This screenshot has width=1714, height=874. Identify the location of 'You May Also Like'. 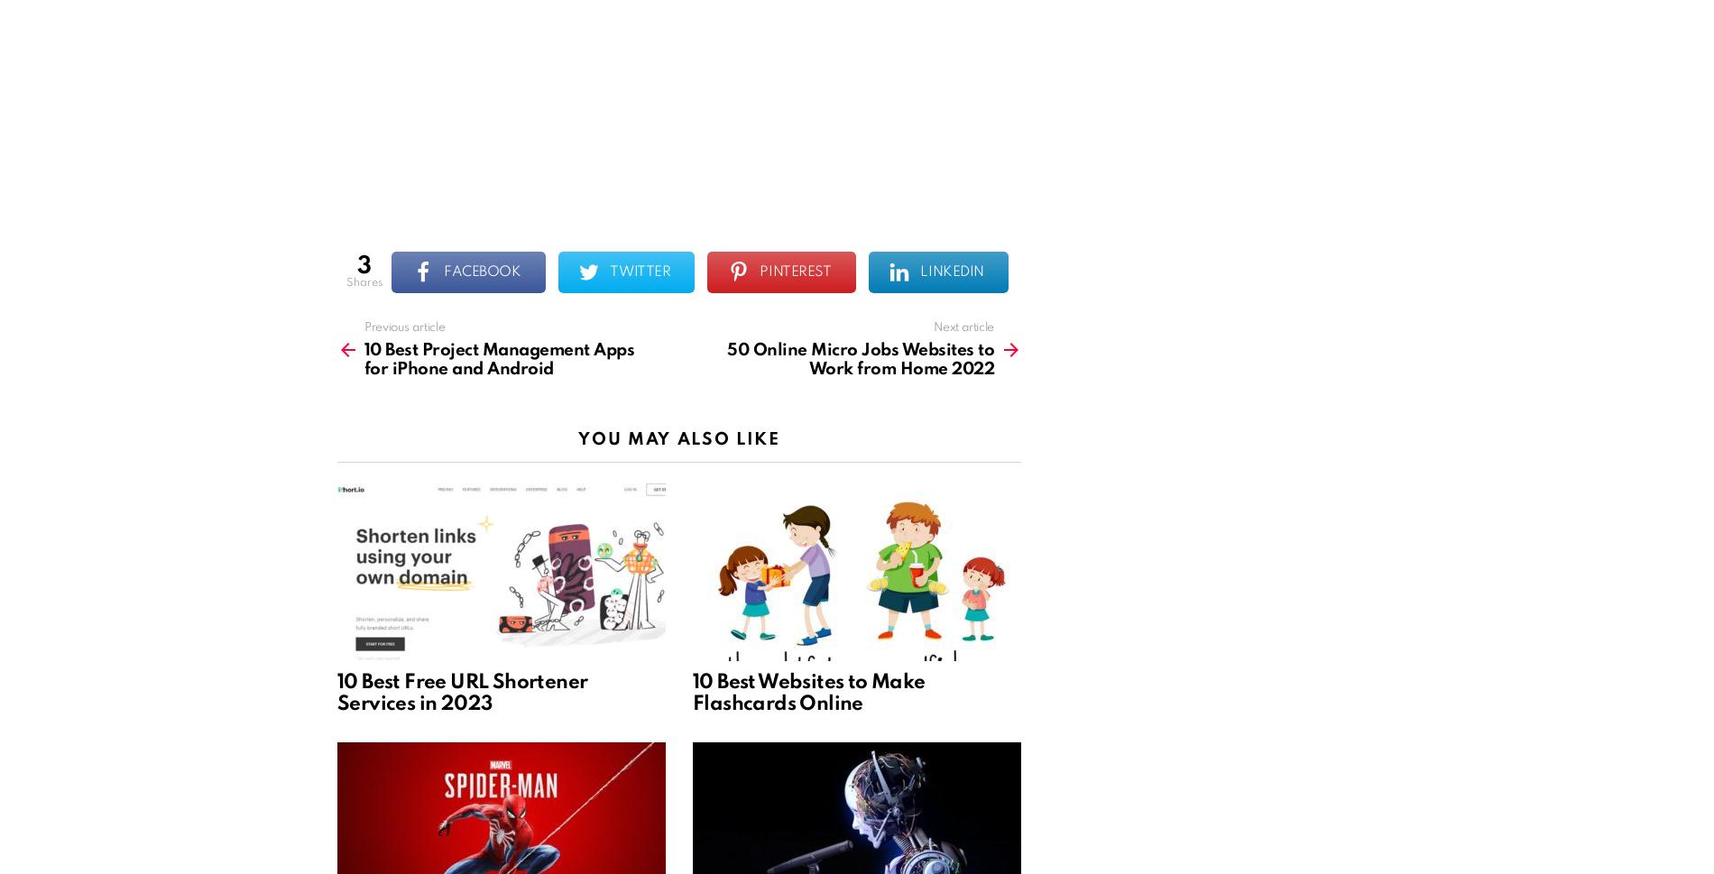
(677, 437).